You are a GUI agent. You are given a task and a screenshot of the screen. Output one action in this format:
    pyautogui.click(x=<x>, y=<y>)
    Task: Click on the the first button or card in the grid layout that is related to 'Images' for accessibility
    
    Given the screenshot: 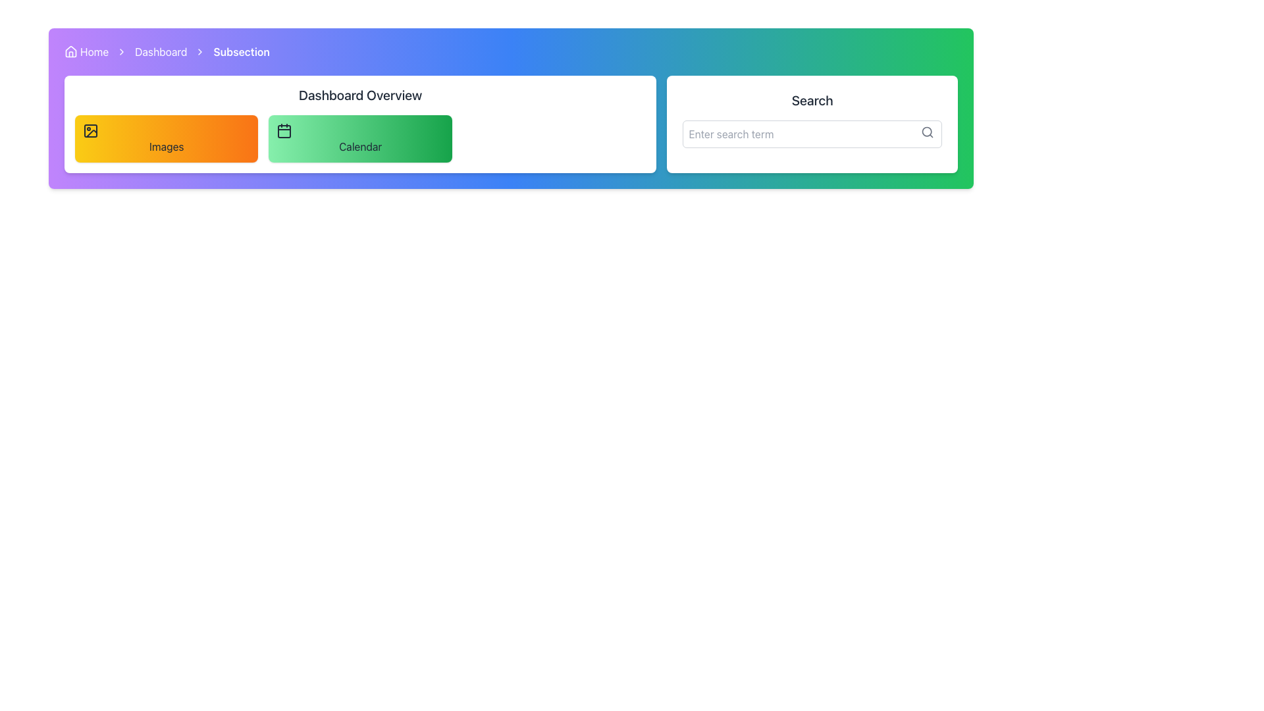 What is the action you would take?
    pyautogui.click(x=166, y=139)
    